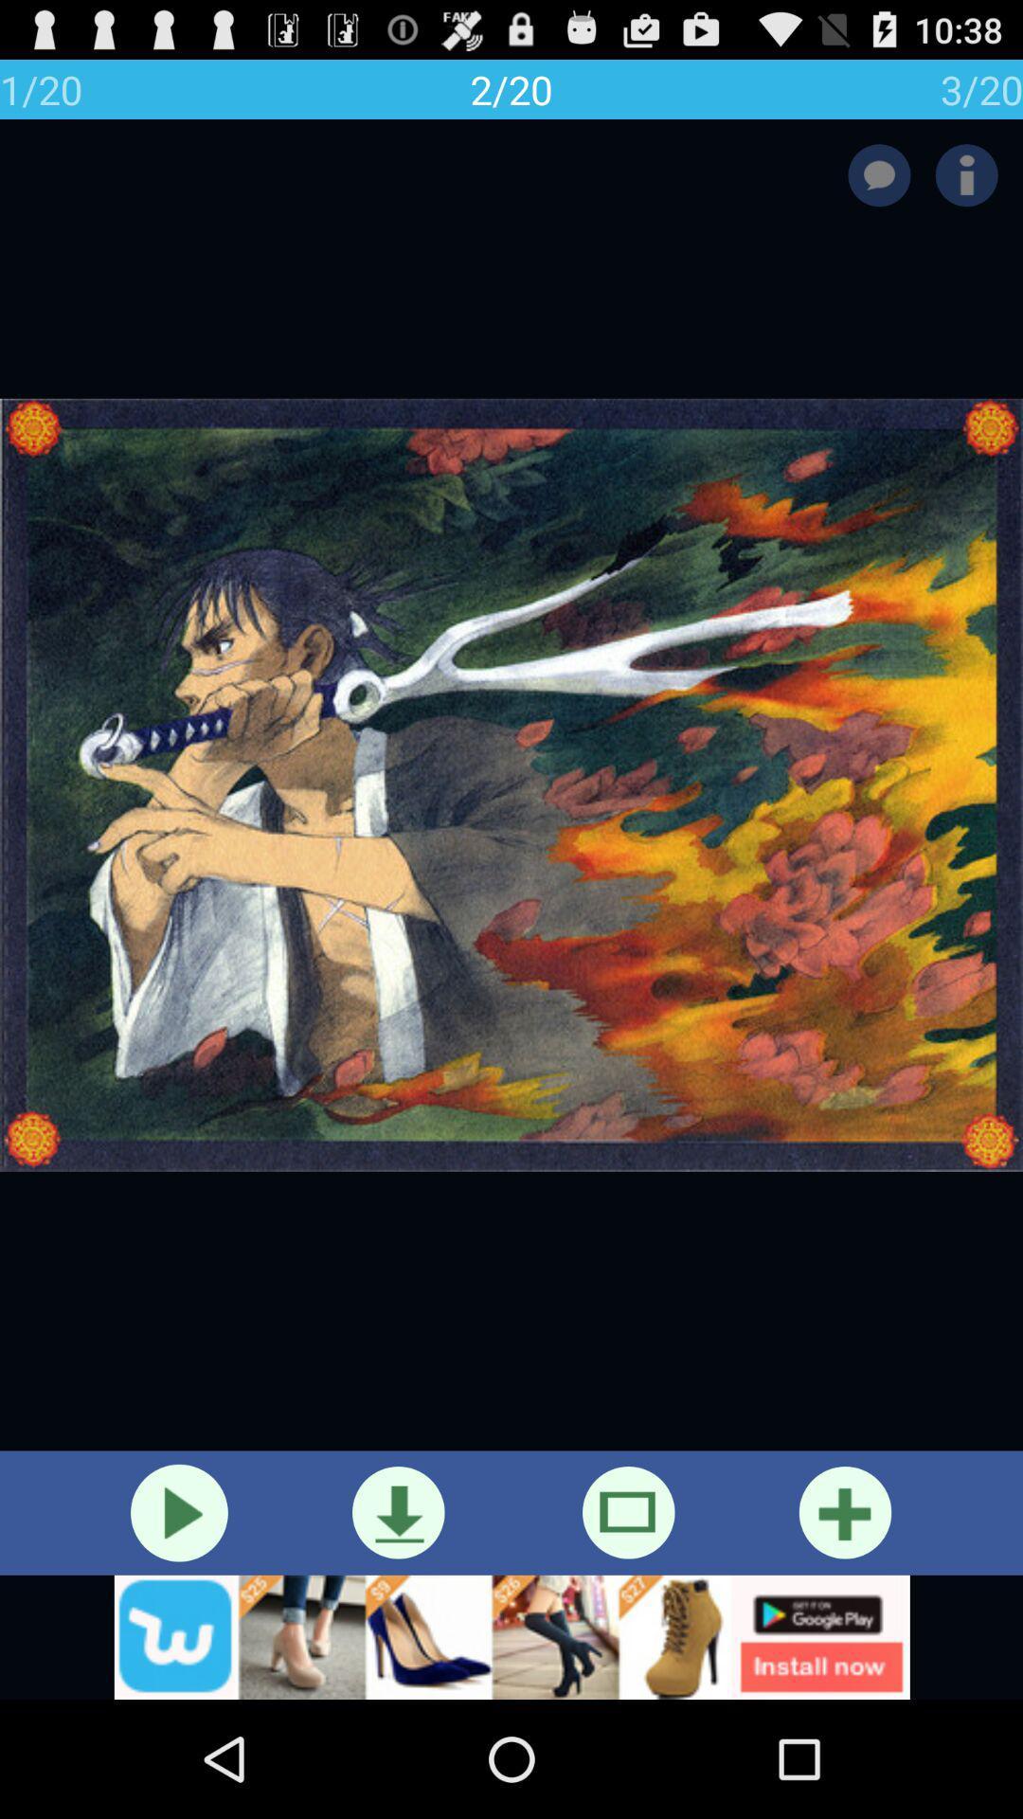 The image size is (1023, 1819). Describe the element at coordinates (844, 1511) in the screenshot. I see `to favorites` at that location.